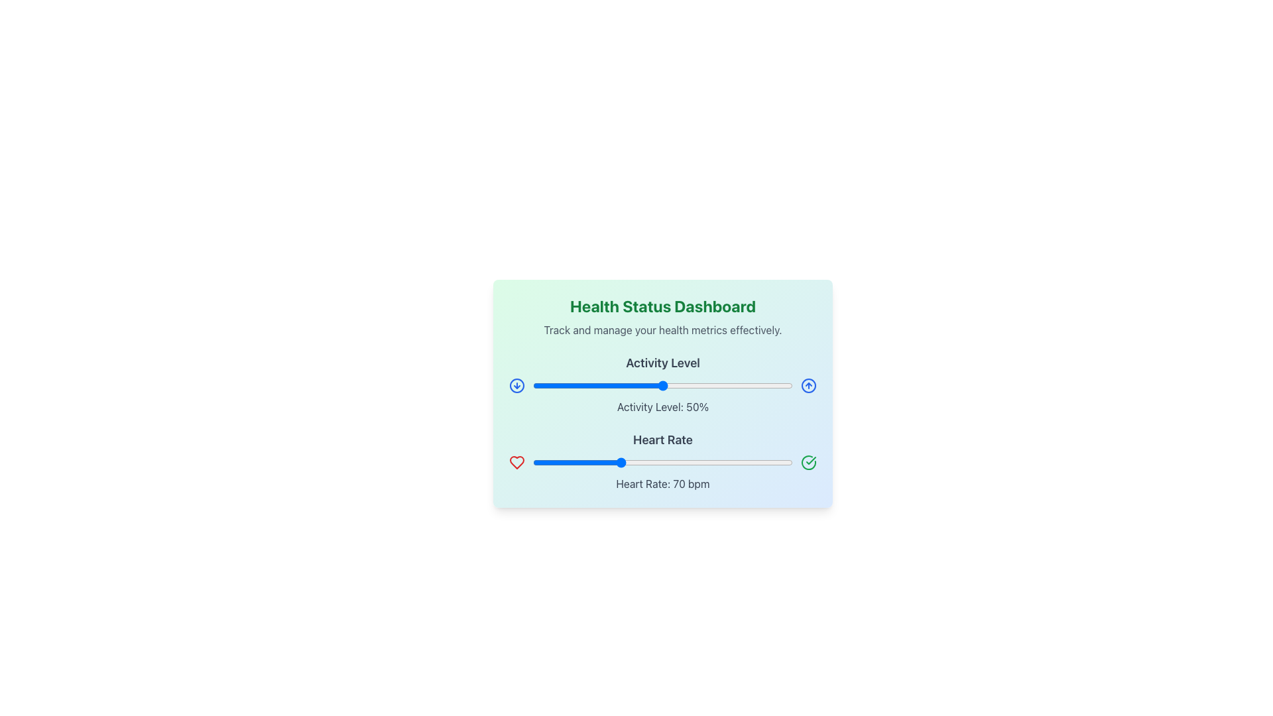  What do you see at coordinates (662, 422) in the screenshot?
I see `the labels of the sliders located within the 'Health Status Dashboard' card under the subtitle 'Track and manage your health metrics effectively.'` at bounding box center [662, 422].